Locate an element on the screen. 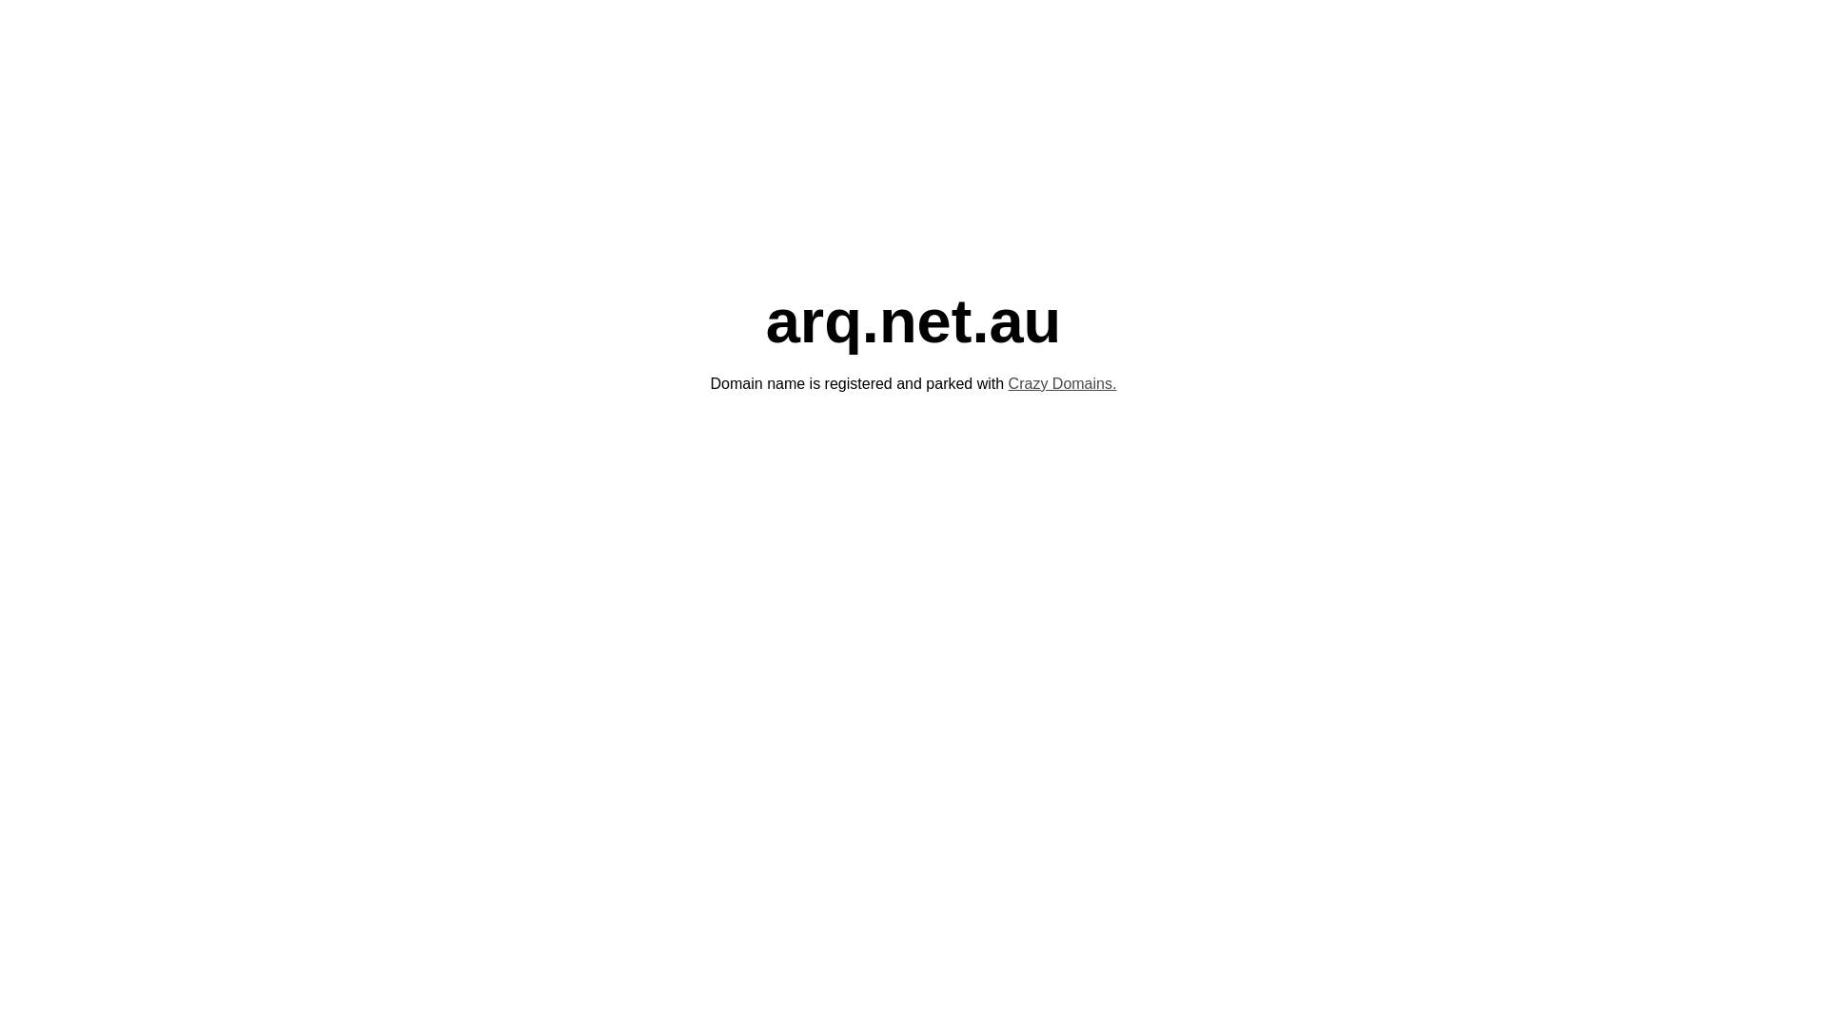  'Crazy Domains.' is located at coordinates (1062, 383).